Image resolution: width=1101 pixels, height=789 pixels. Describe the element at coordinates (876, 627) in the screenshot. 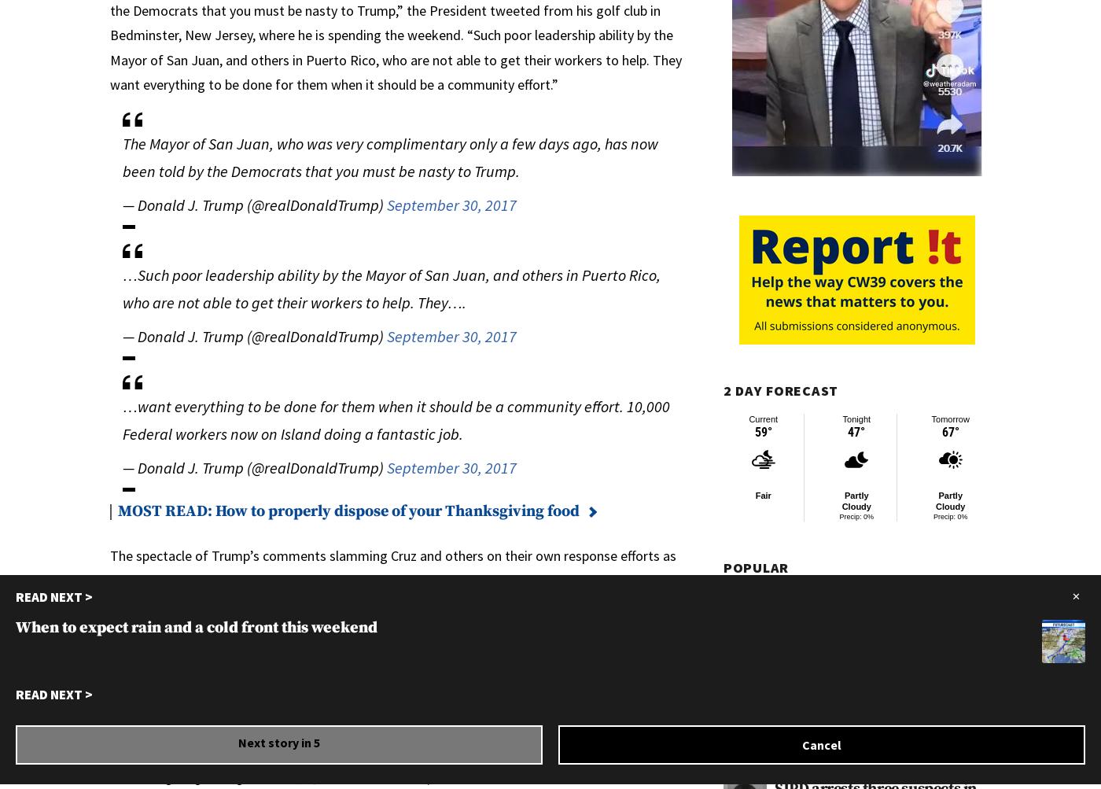

I see `'13 hours ago'` at that location.